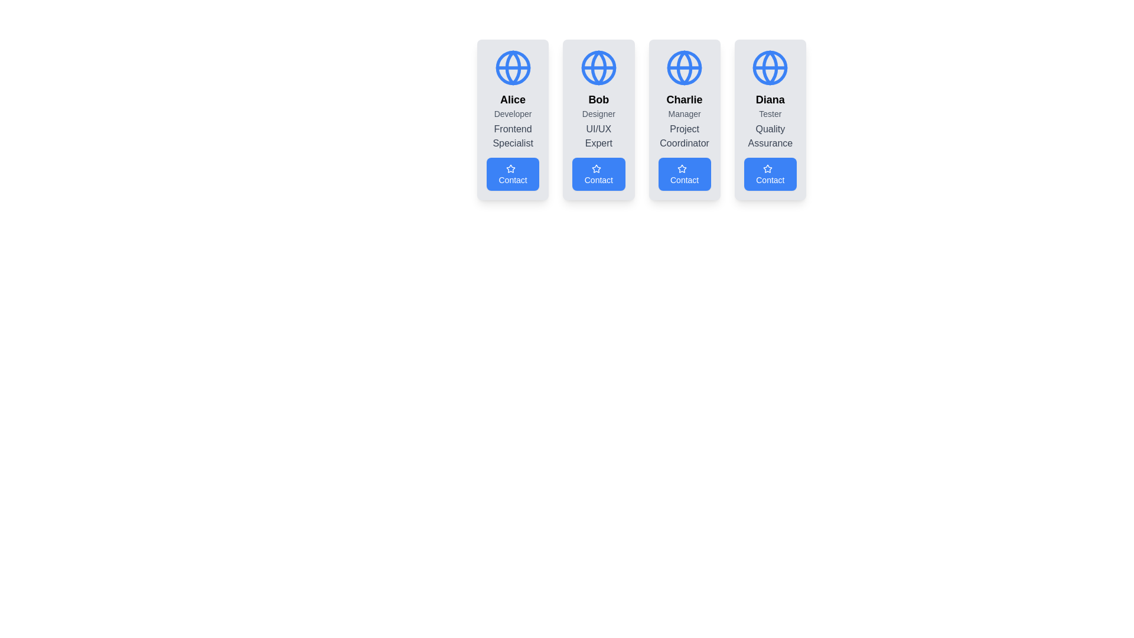 The image size is (1134, 638). I want to click on the blue globe icon at the top of the card labeled 'Charlie', which is the third card from the left, so click(685, 68).